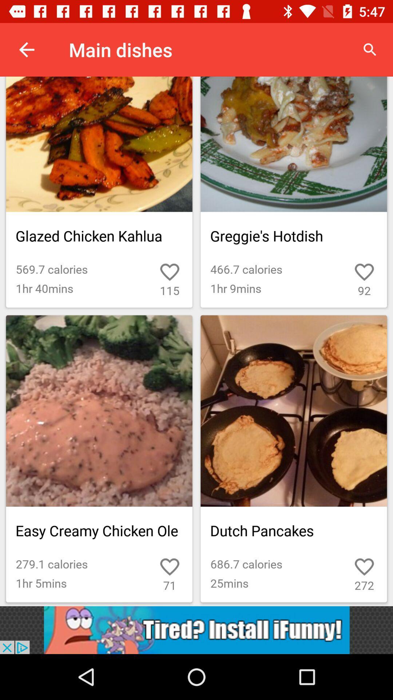 The image size is (393, 700). Describe the element at coordinates (370, 50) in the screenshot. I see `search button` at that location.